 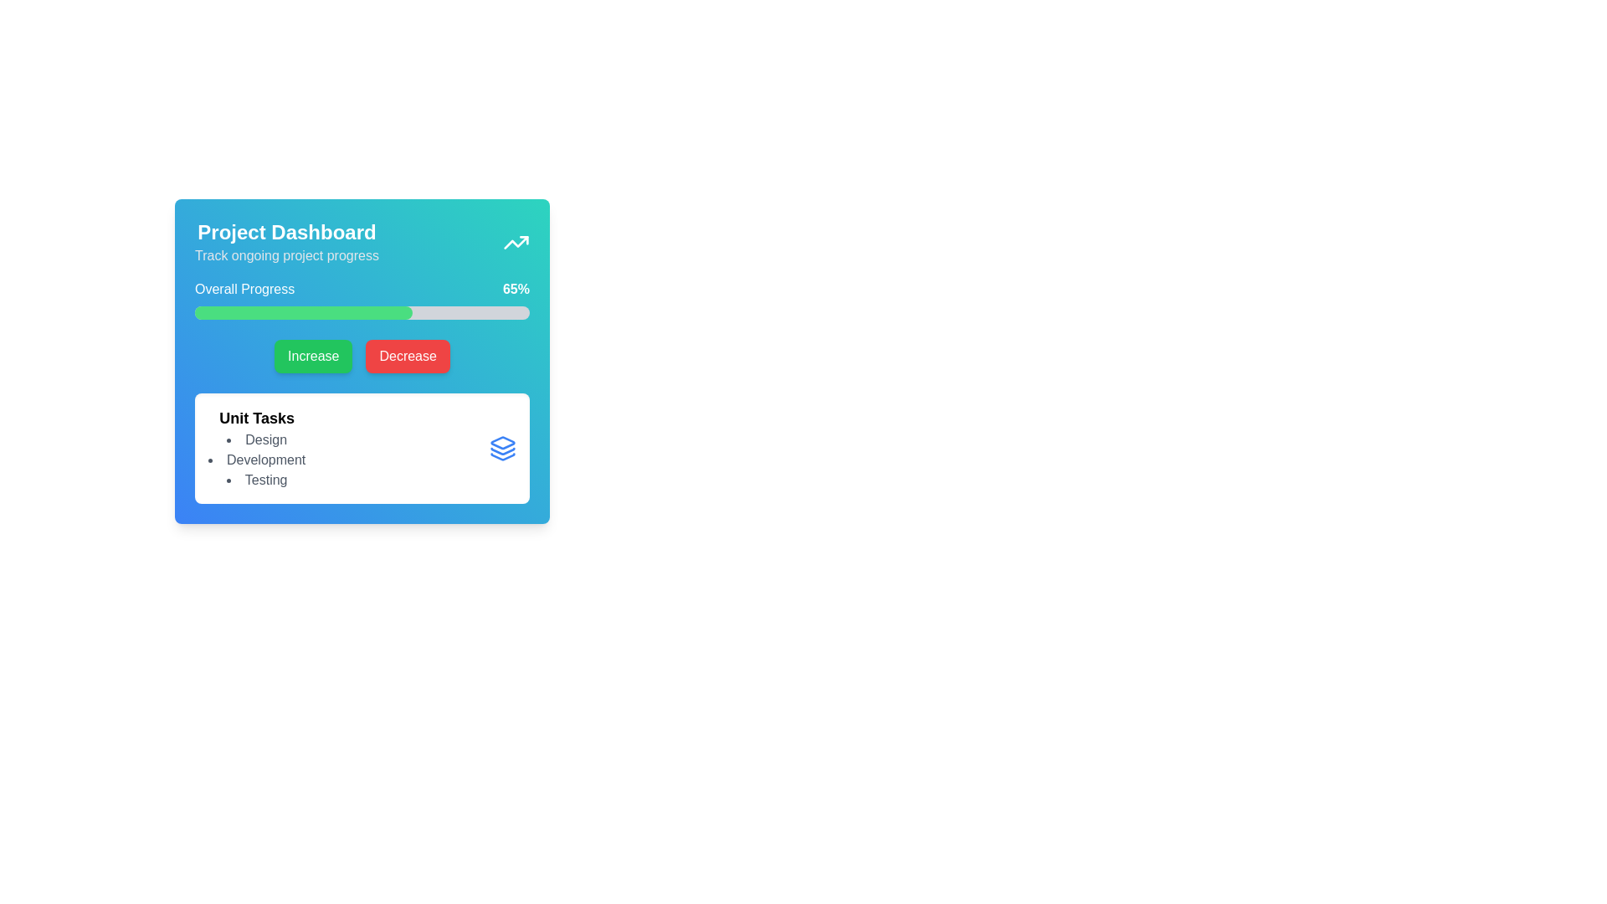 What do you see at coordinates (501, 442) in the screenshot?
I see `the topmost triangle-like icon in the lower right section of the 'Unit Tasks' area in the 'Project Dashboard', which is part of a decorative design and matches the blue theme of the UI` at bounding box center [501, 442].